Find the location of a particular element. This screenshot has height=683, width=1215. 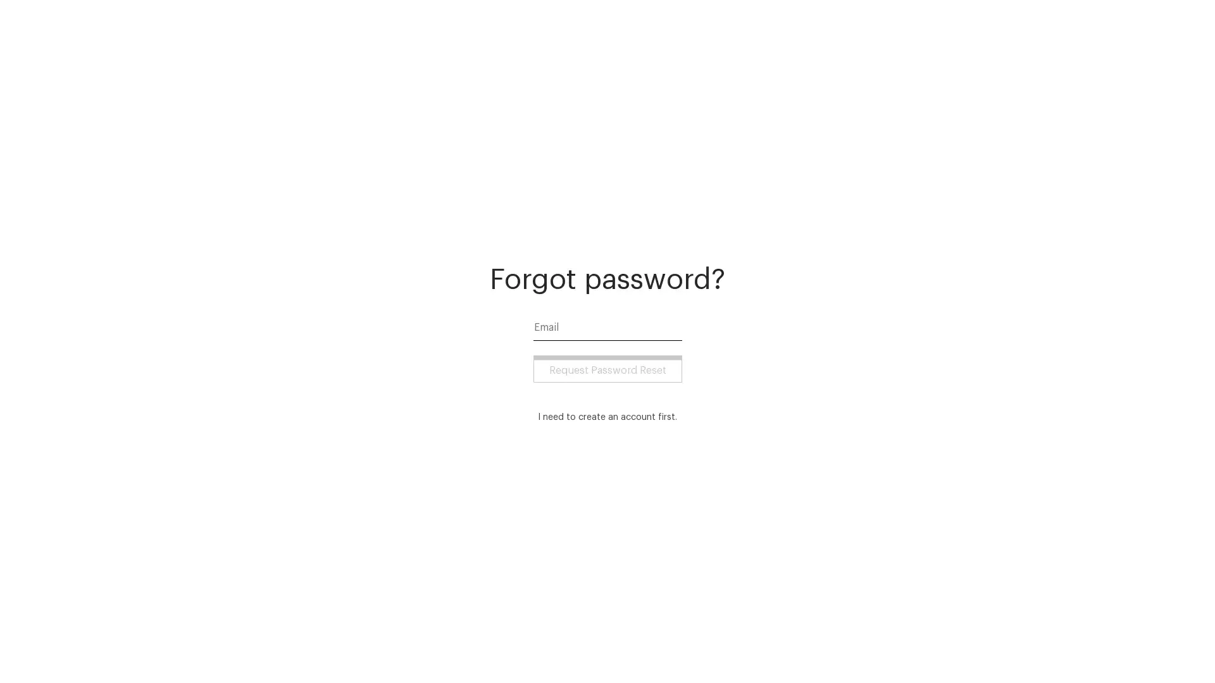

Request Password Reset is located at coordinates (606, 368).